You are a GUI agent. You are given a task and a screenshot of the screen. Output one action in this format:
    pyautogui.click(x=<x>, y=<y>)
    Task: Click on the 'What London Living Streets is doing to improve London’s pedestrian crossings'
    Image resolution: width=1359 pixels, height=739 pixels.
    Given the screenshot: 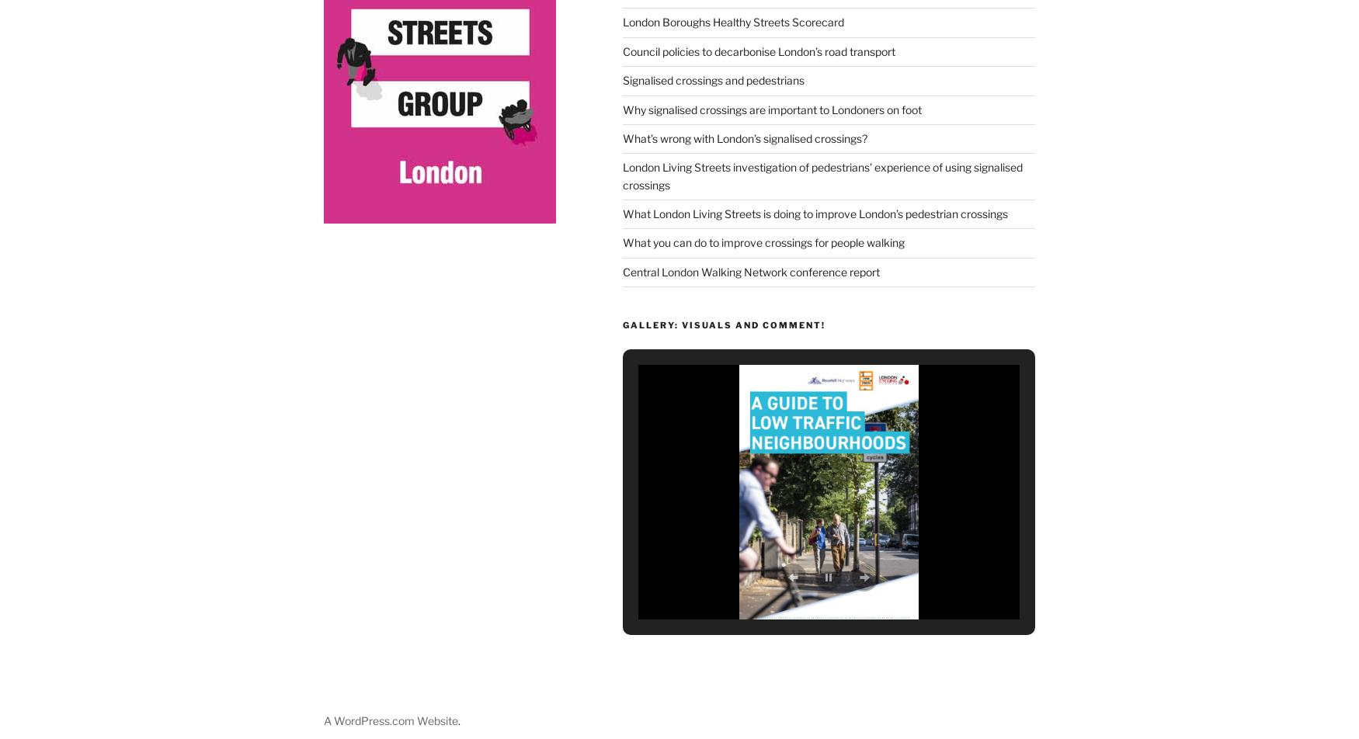 What is the action you would take?
    pyautogui.click(x=813, y=210)
    